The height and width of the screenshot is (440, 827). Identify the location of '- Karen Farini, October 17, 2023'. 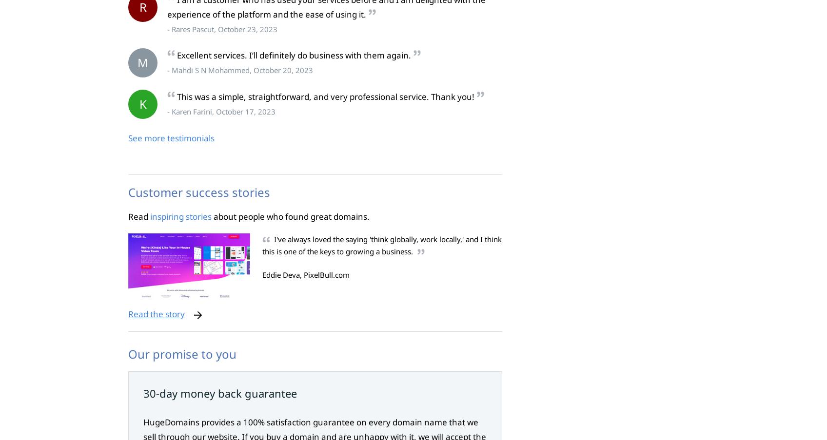
(221, 112).